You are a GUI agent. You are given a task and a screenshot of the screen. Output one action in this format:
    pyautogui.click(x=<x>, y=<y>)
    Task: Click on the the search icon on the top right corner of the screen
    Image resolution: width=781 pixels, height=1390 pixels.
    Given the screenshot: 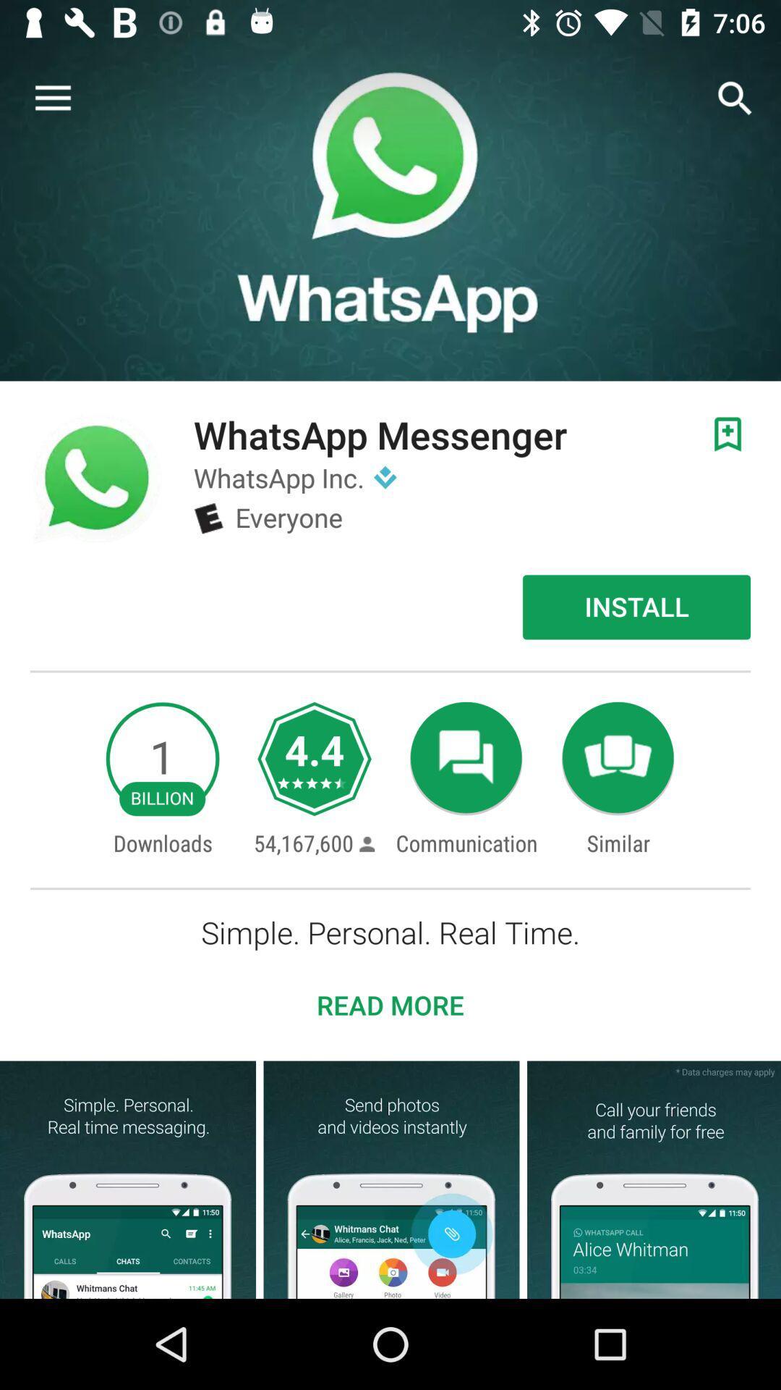 What is the action you would take?
    pyautogui.click(x=735, y=98)
    